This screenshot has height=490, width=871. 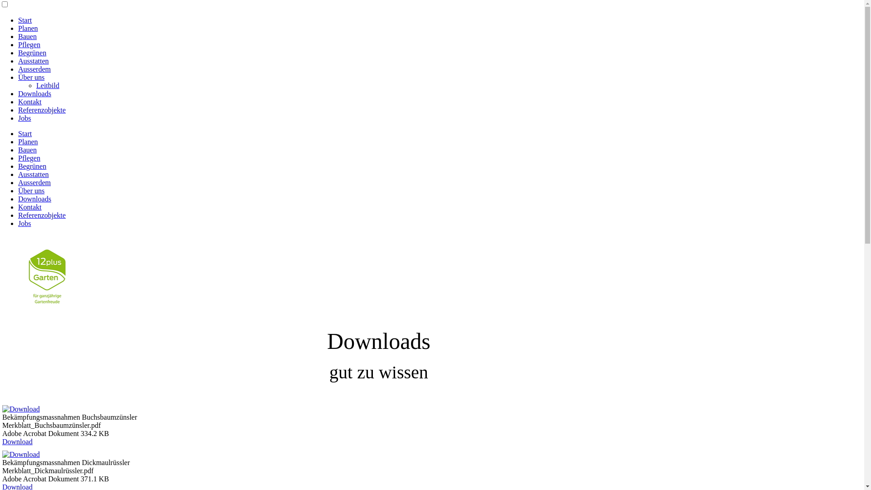 I want to click on 'Bauen', so click(x=27, y=36).